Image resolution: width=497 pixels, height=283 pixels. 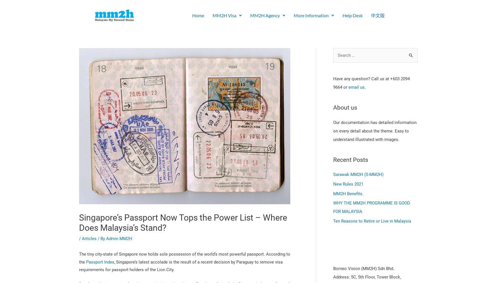 I want to click on 'About us', so click(x=333, y=107).